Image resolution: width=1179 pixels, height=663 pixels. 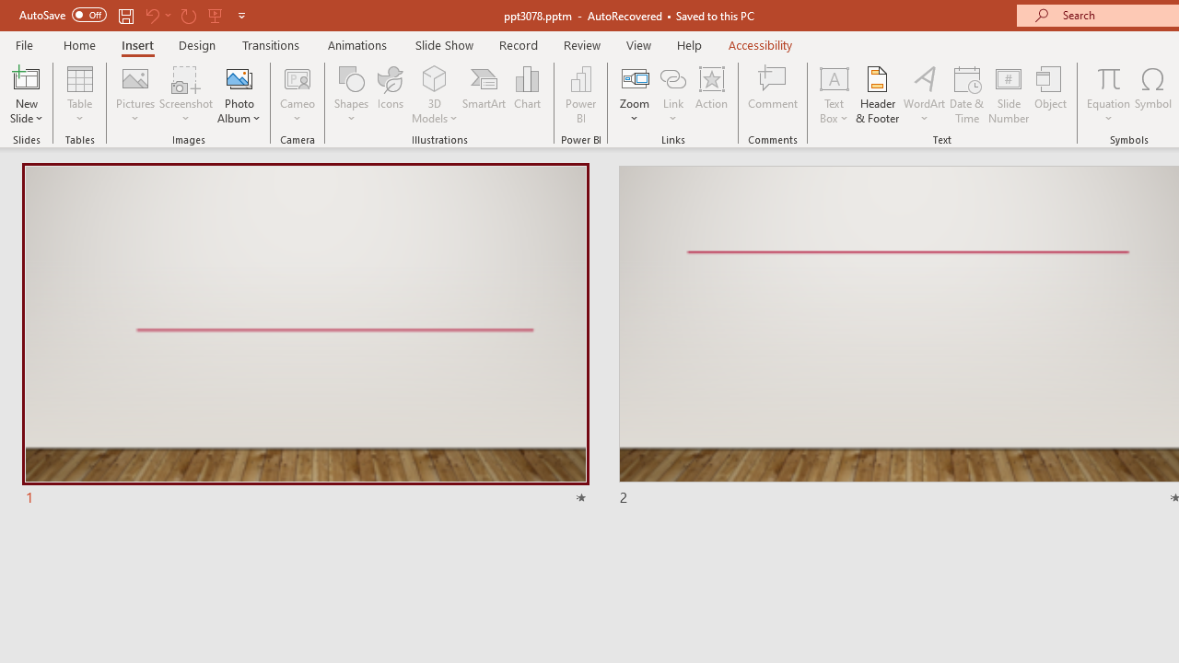 What do you see at coordinates (526, 95) in the screenshot?
I see `'Chart...'` at bounding box center [526, 95].